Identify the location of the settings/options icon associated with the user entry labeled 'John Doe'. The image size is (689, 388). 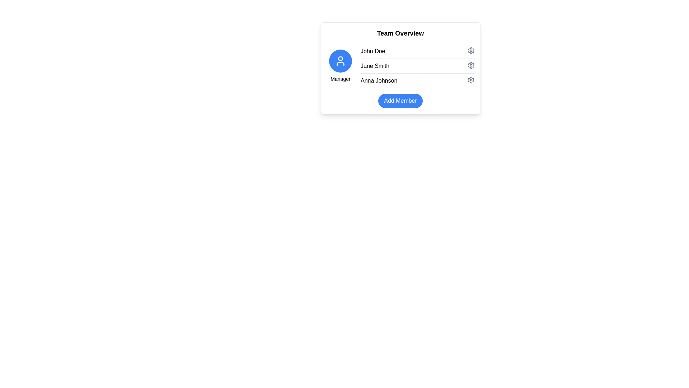
(471, 50).